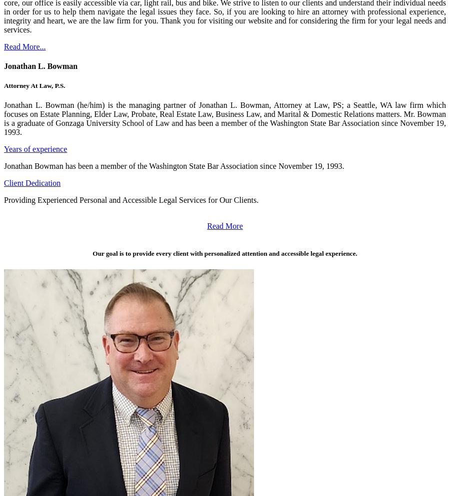  What do you see at coordinates (224, 226) in the screenshot?
I see `'Read More'` at bounding box center [224, 226].